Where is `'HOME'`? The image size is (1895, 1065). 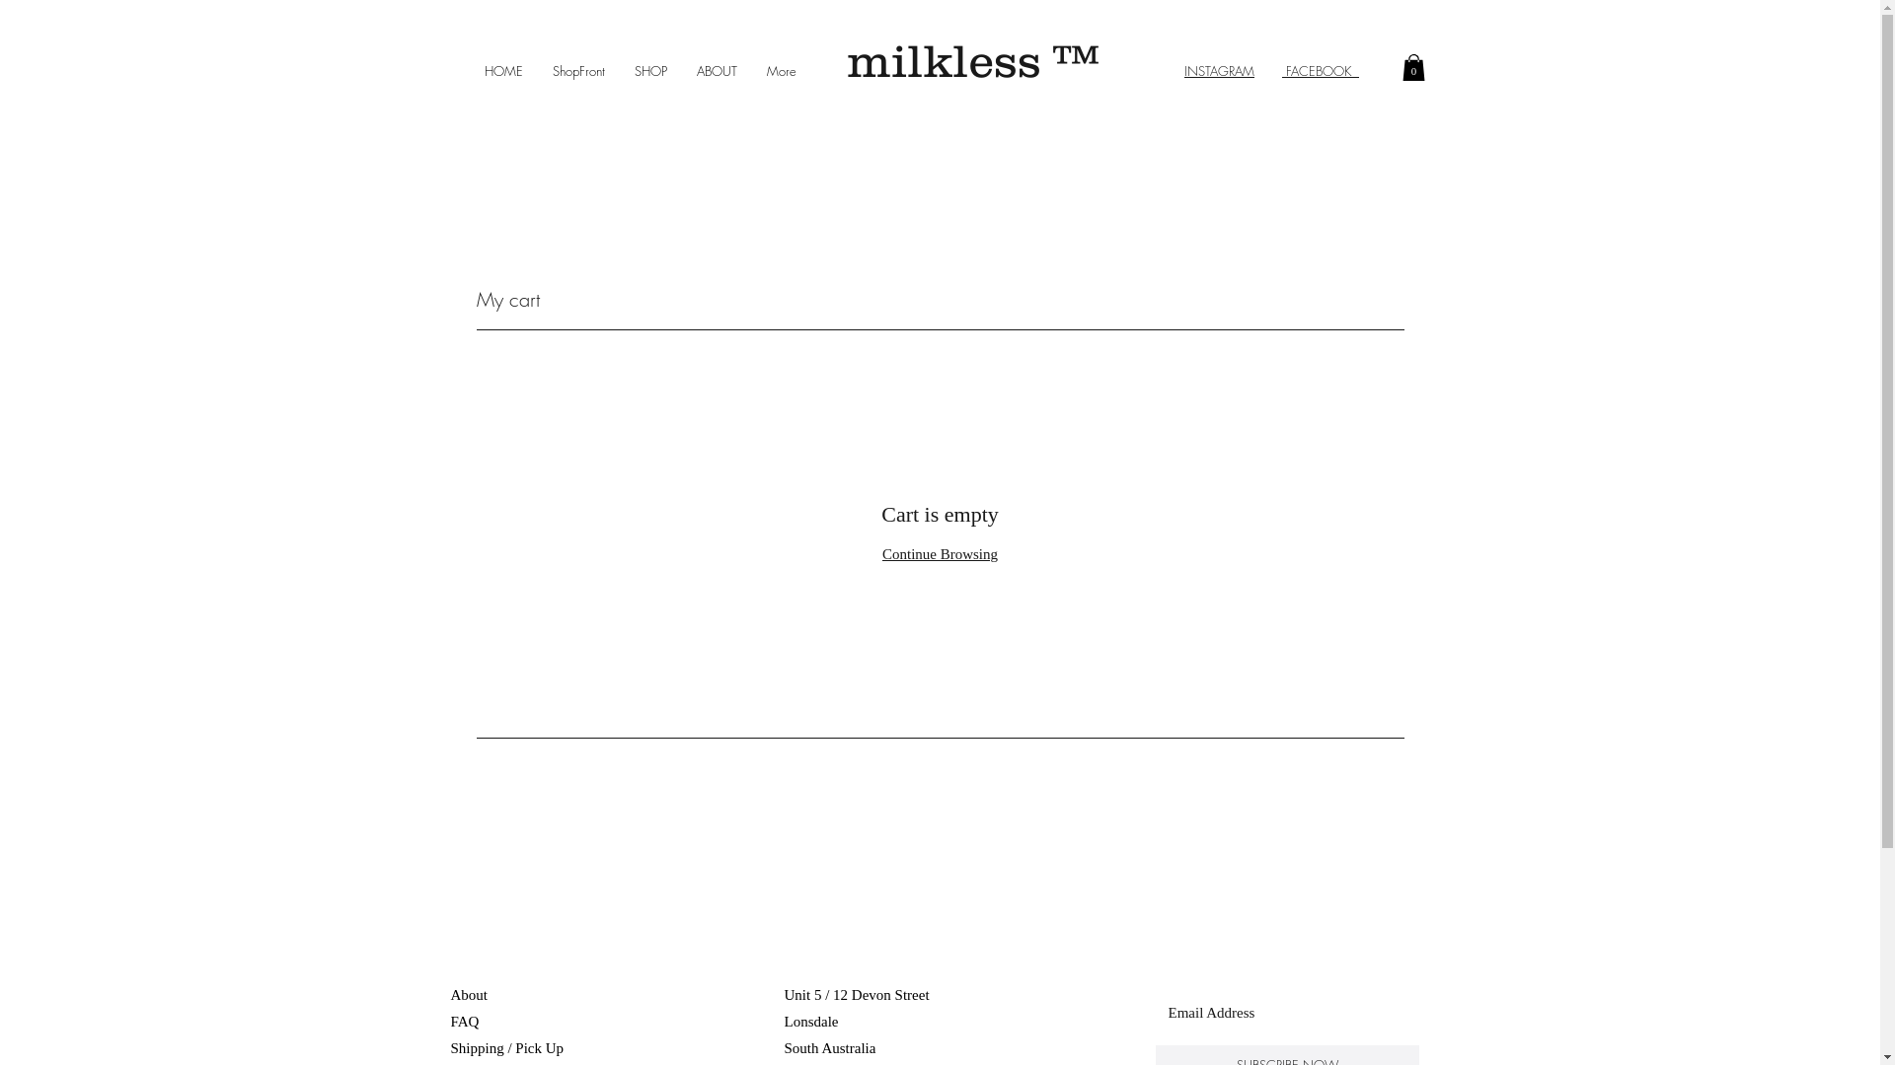
'HOME' is located at coordinates (503, 70).